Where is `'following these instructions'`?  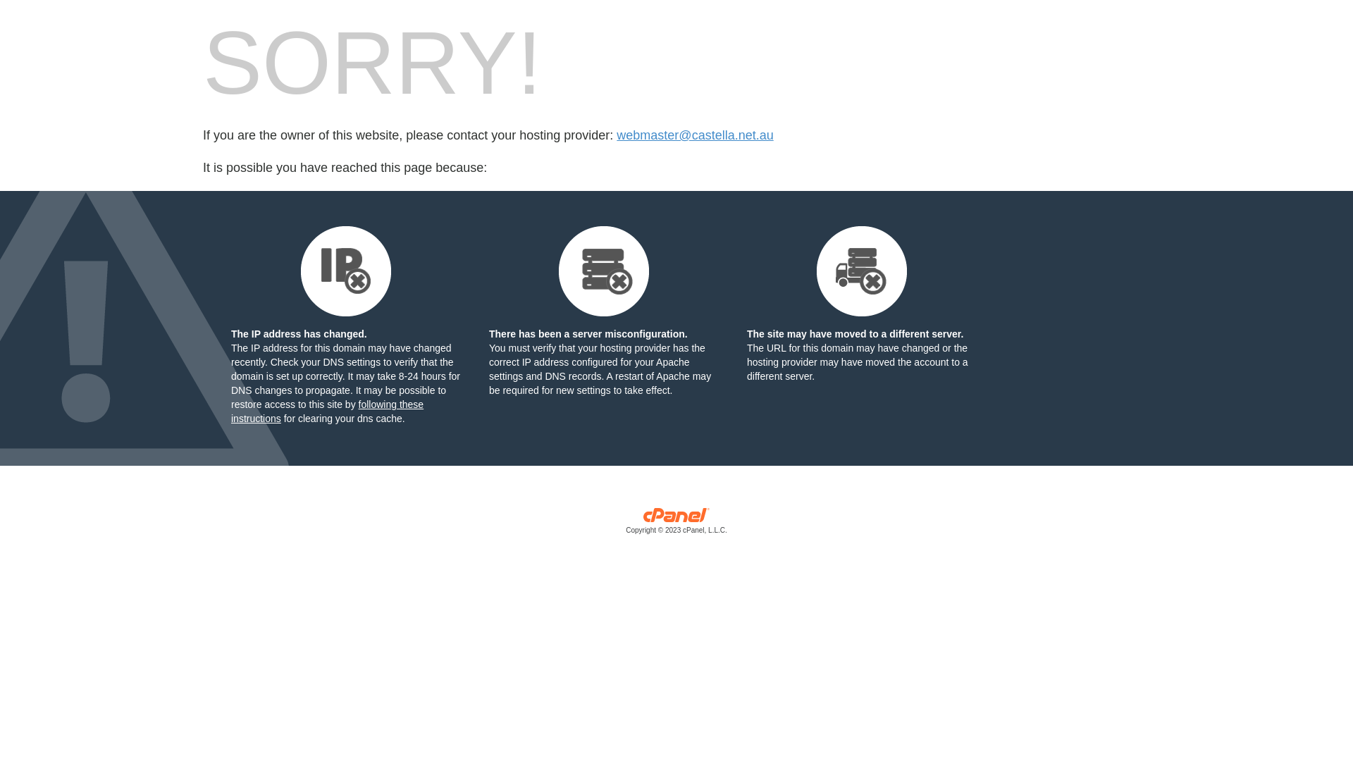
'following these instructions' is located at coordinates (326, 411).